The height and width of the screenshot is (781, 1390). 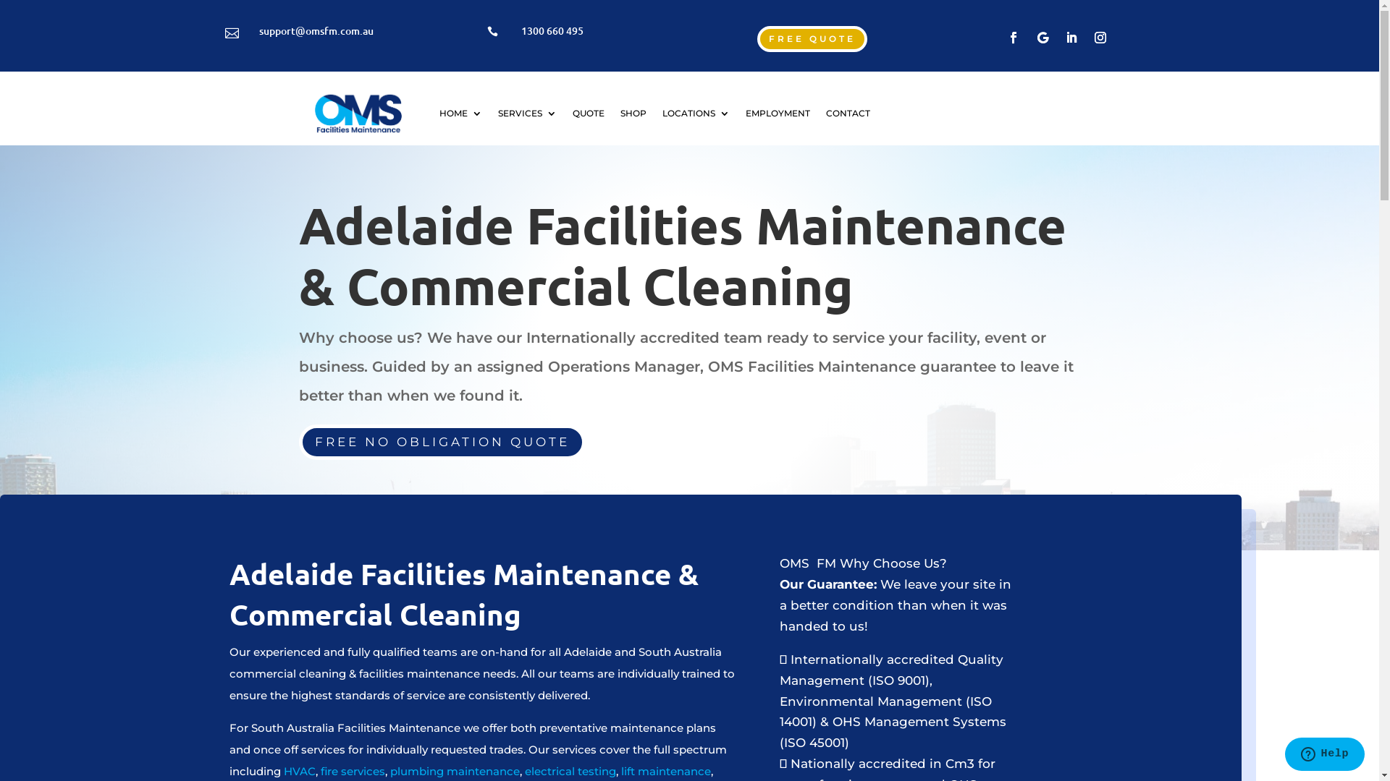 I want to click on 'support@omsfm.com.au', so click(x=315, y=30).